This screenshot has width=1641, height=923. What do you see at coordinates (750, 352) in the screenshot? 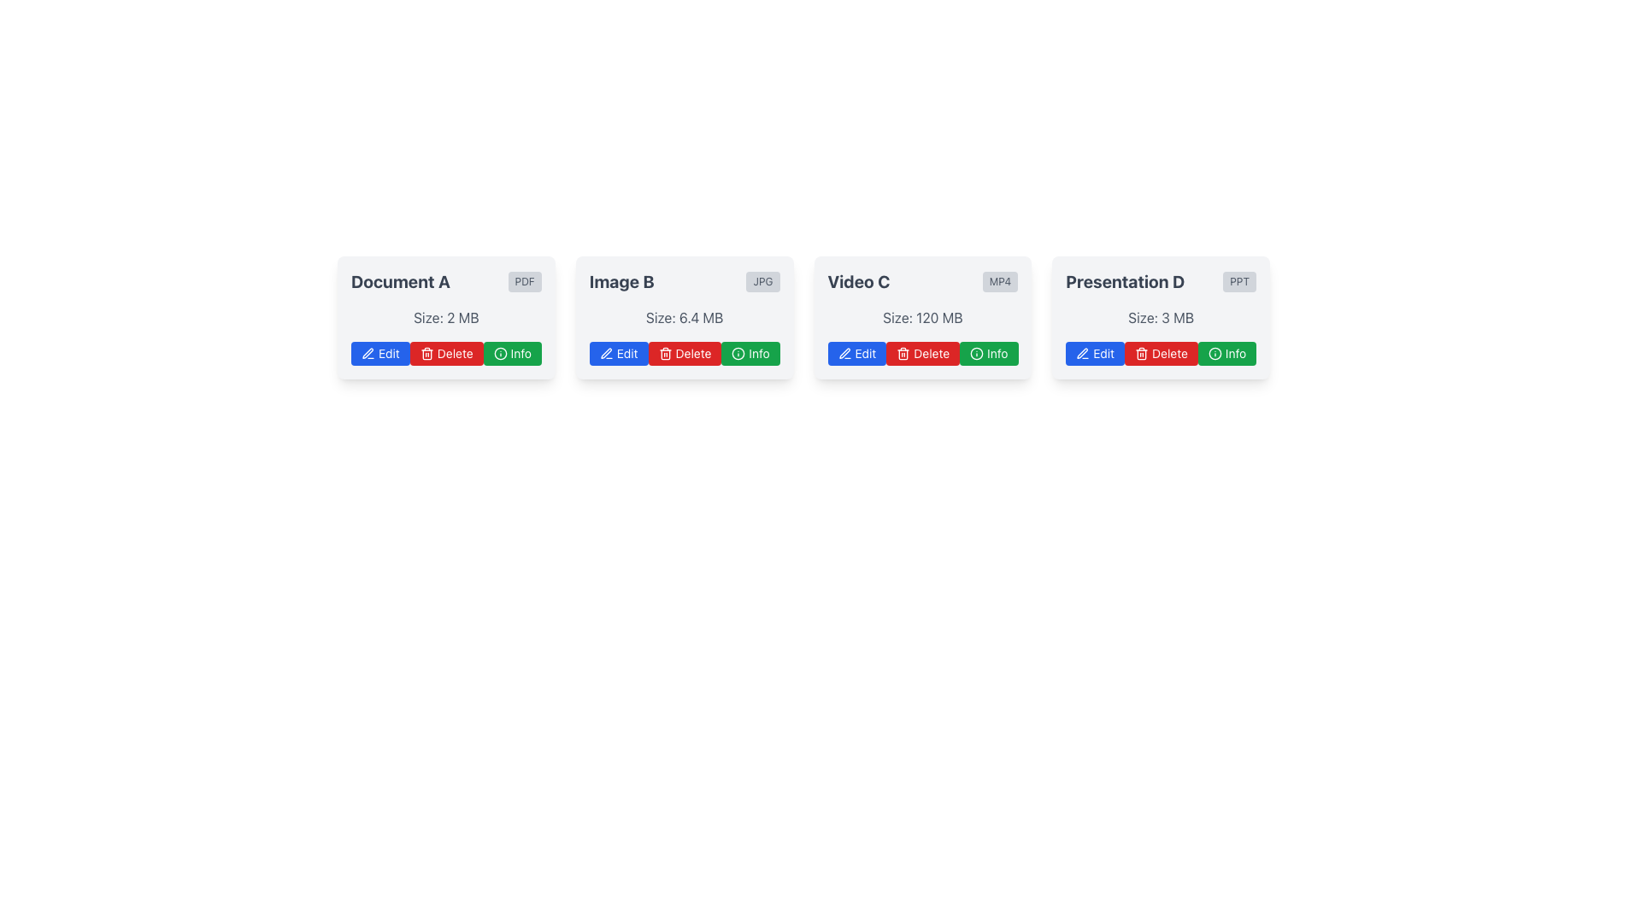
I see `the third button in the horizontal group of controls, which provides detailed information about 'Image B', located to the right of the 'Delete' button` at bounding box center [750, 352].